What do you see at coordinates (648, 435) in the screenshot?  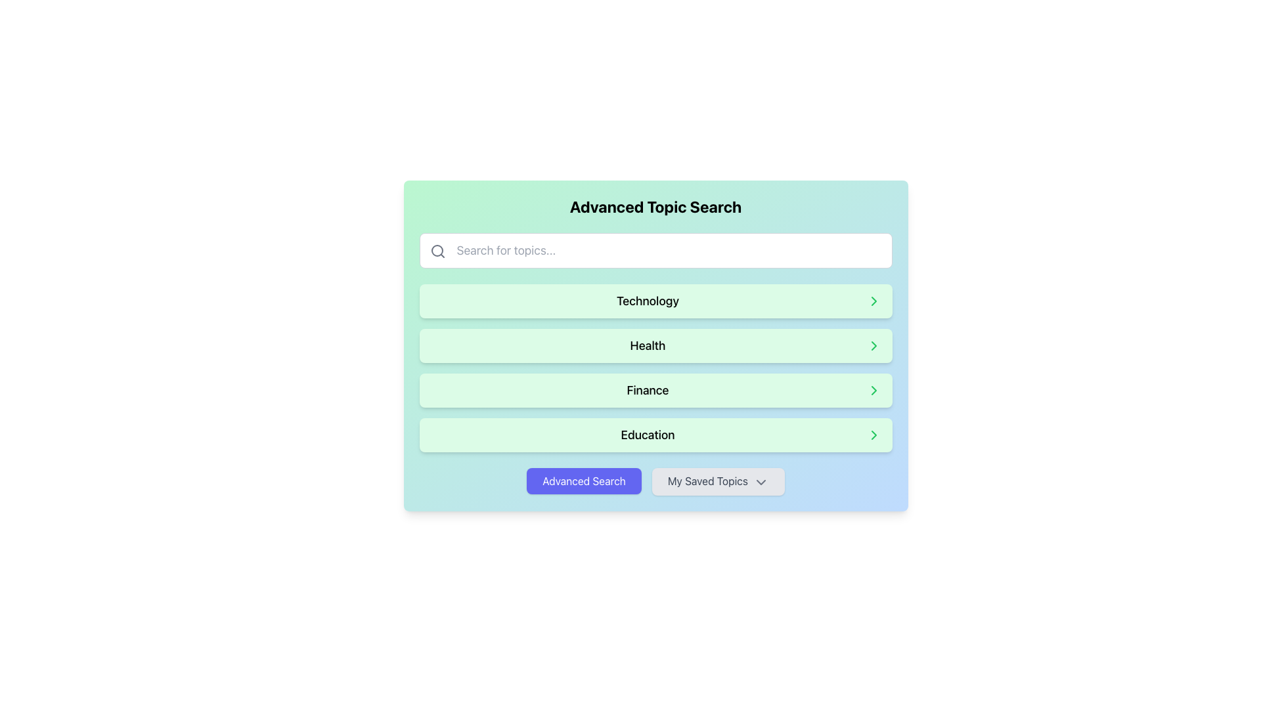 I see `the 'Education' text label, which is the fourth item in the vertical stack under 'Advanced Topic Search'` at bounding box center [648, 435].